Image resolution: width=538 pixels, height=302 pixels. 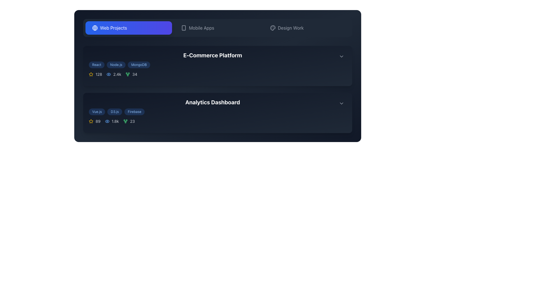 What do you see at coordinates (184, 28) in the screenshot?
I see `the representative icon for mobile-related items located to the left of the 'Mobile Apps' text, which is part of the navigation options row` at bounding box center [184, 28].